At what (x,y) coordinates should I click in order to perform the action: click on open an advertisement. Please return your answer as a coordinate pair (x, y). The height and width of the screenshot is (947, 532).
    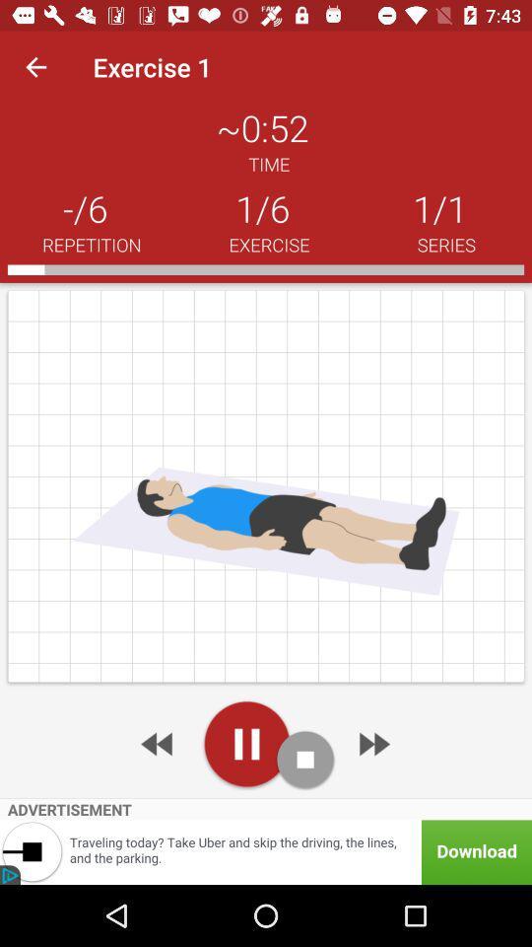
    Looking at the image, I should click on (266, 851).